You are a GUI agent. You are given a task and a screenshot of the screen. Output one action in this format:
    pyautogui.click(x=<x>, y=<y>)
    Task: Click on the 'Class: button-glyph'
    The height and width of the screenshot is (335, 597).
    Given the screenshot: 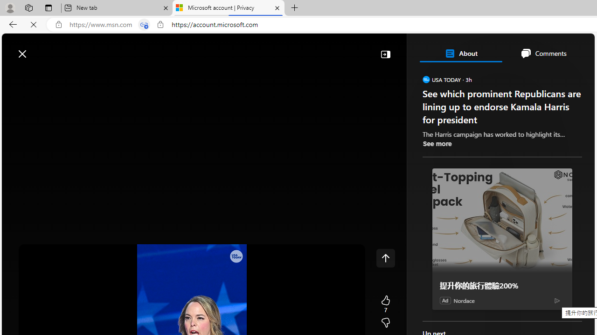 What is the action you would take?
    pyautogui.click(x=14, y=75)
    